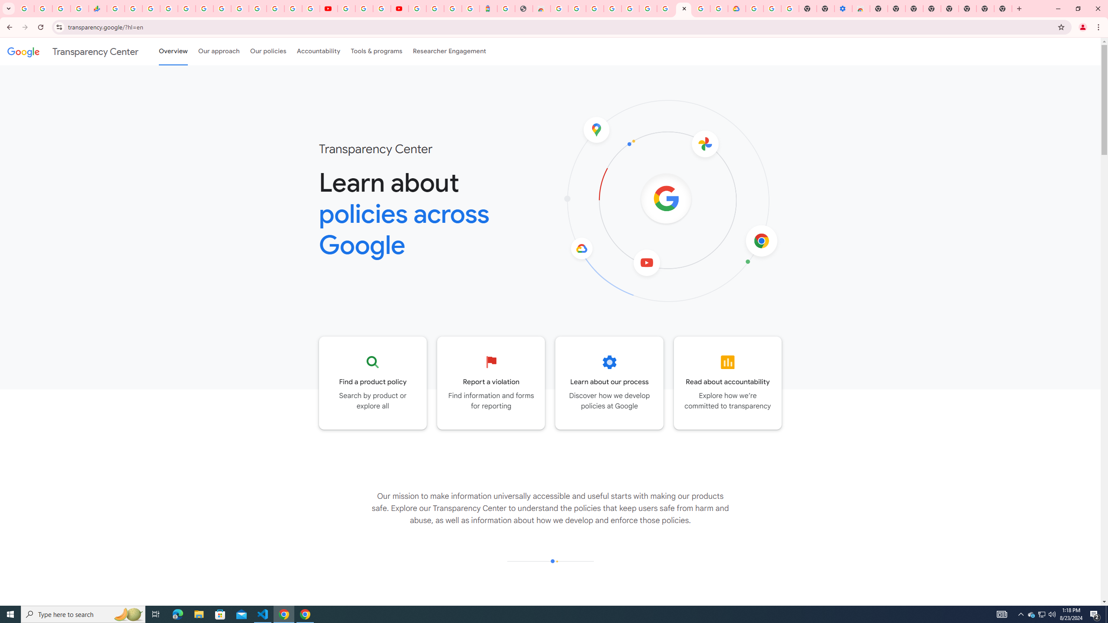  Describe the element at coordinates (25, 8) in the screenshot. I see `'Google Workspace Admin Community'` at that location.